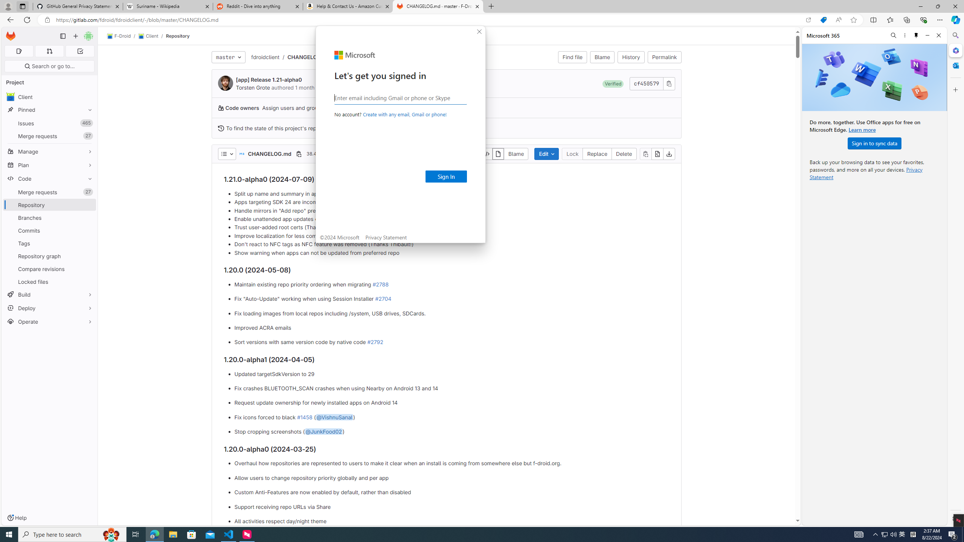 This screenshot has width=964, height=542. Describe the element at coordinates (226, 83) in the screenshot. I see `'Torsten Grote'` at that location.